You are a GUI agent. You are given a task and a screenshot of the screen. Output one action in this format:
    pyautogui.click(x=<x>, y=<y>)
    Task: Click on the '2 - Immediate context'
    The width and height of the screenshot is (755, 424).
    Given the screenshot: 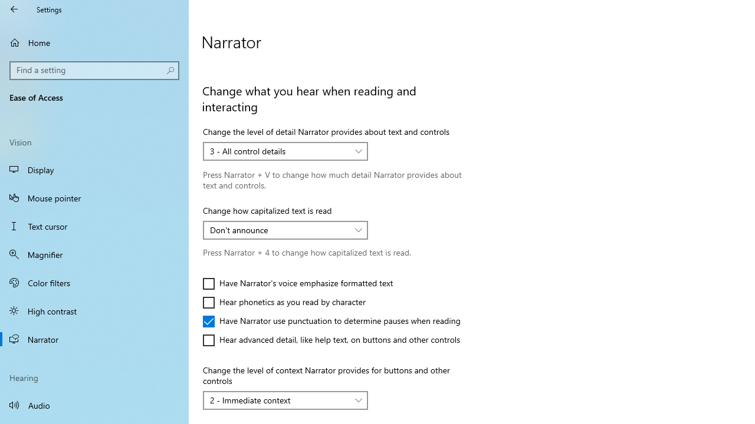 What is the action you would take?
    pyautogui.click(x=278, y=399)
    